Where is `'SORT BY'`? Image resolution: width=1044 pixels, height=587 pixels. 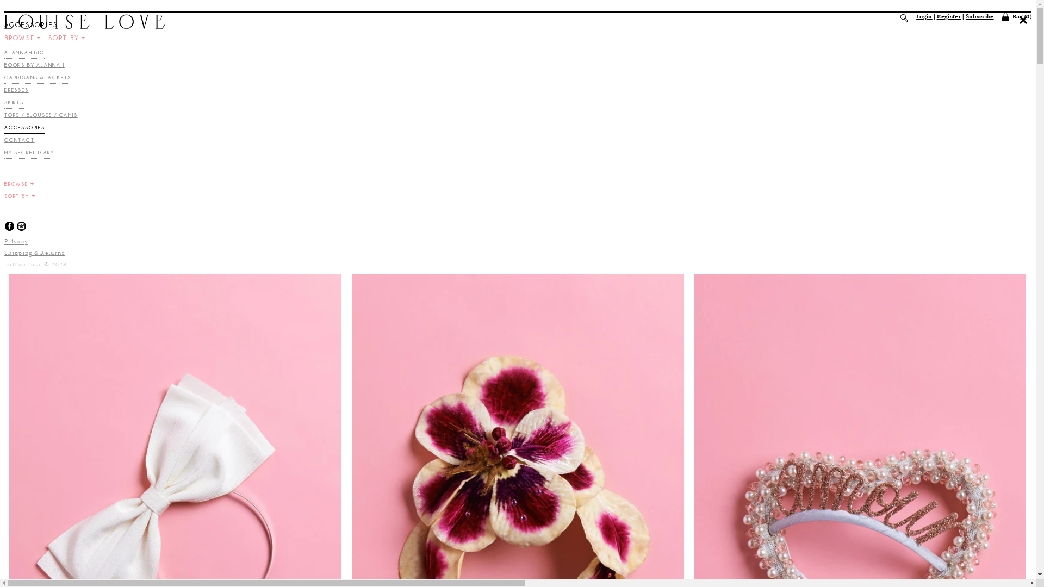
'SORT BY' is located at coordinates (66, 37).